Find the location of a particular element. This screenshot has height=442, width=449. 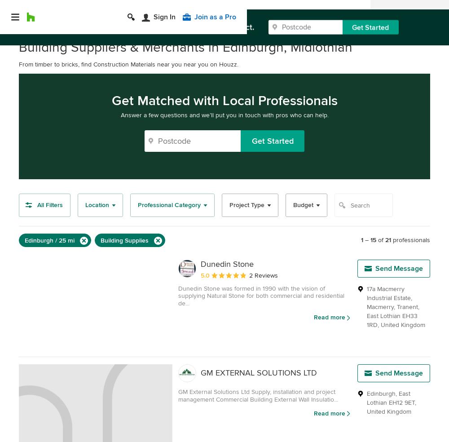

'Sign In' is located at coordinates (164, 16).